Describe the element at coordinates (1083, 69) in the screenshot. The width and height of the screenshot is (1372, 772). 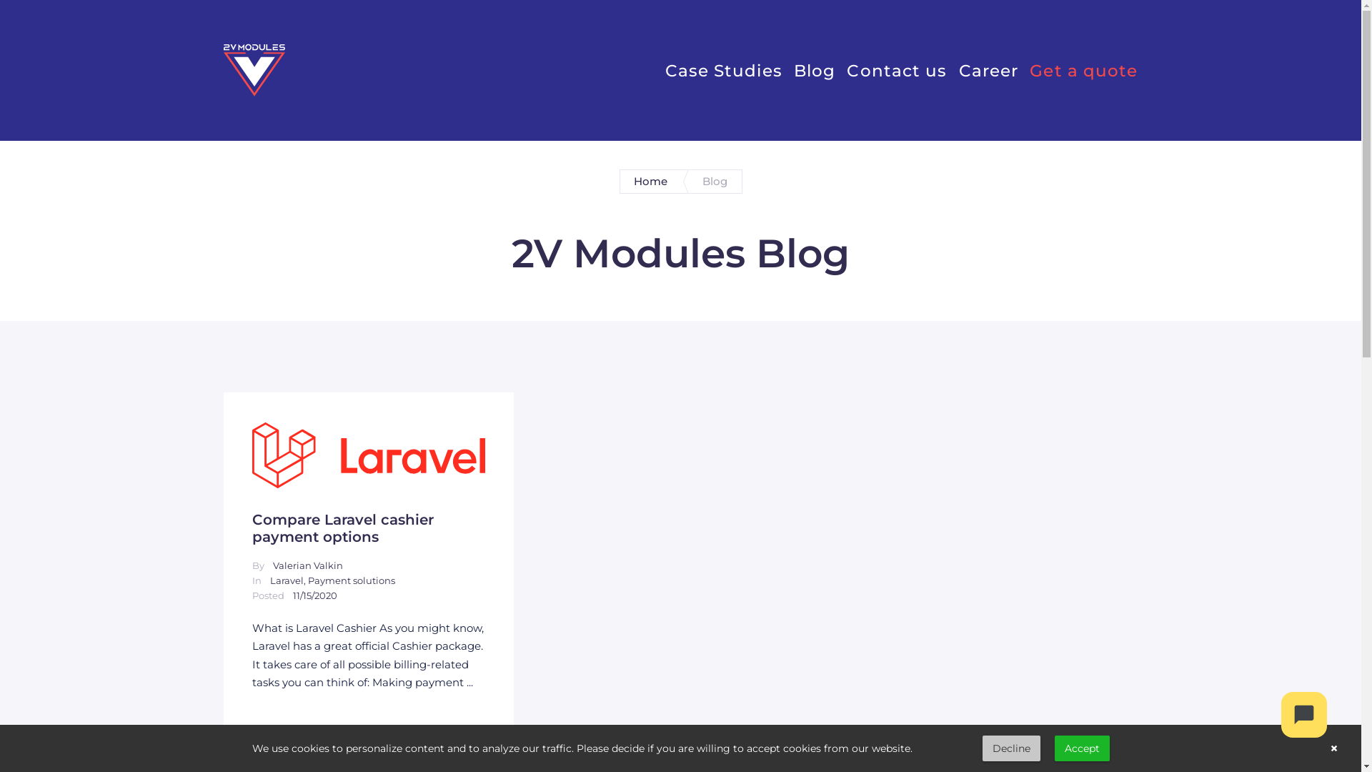
I see `'Get a quote'` at that location.